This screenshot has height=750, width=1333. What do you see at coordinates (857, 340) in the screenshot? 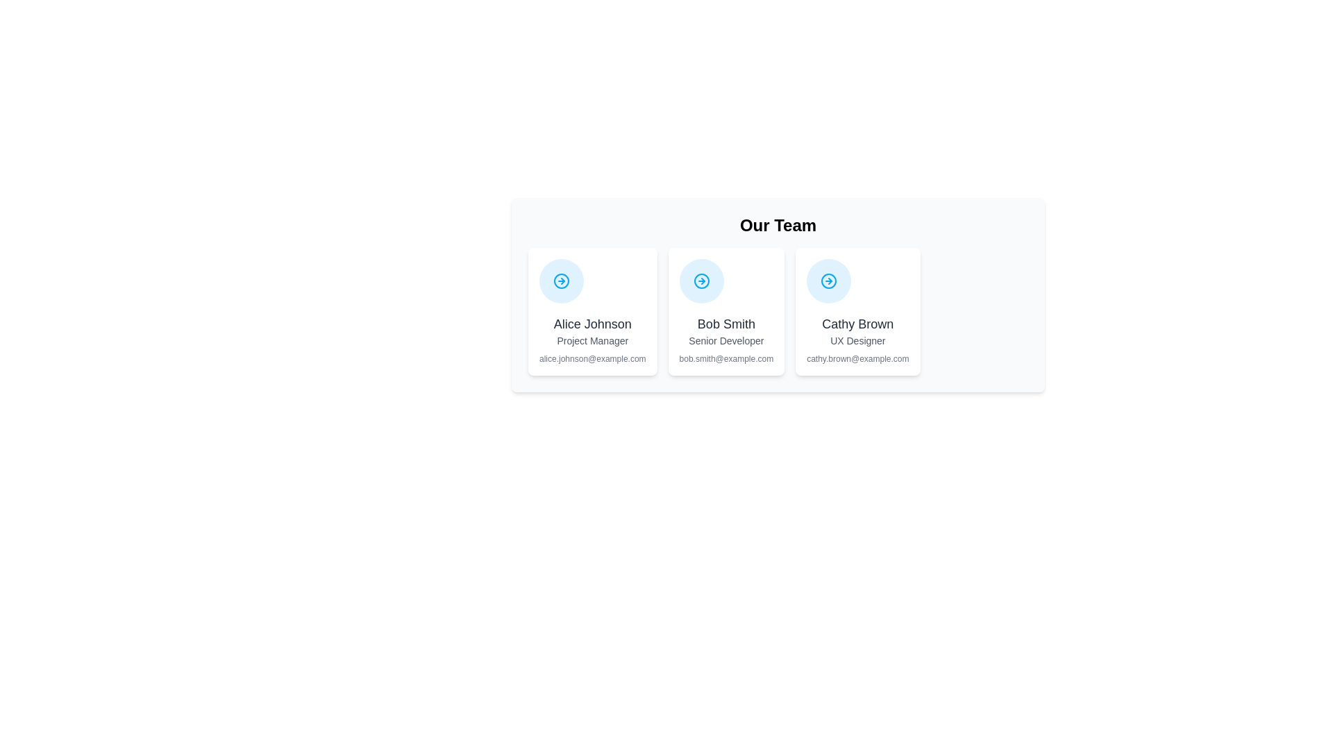
I see `the 'UX Designer' text label located within the card for 'Cathy Brown', positioned beneath her name and above her email address` at bounding box center [857, 340].